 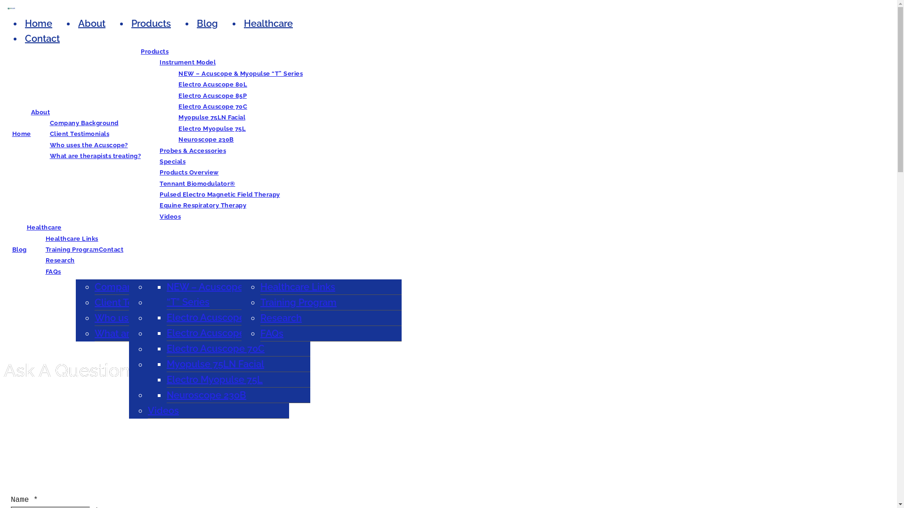 I want to click on 'Blog', so click(x=207, y=23).